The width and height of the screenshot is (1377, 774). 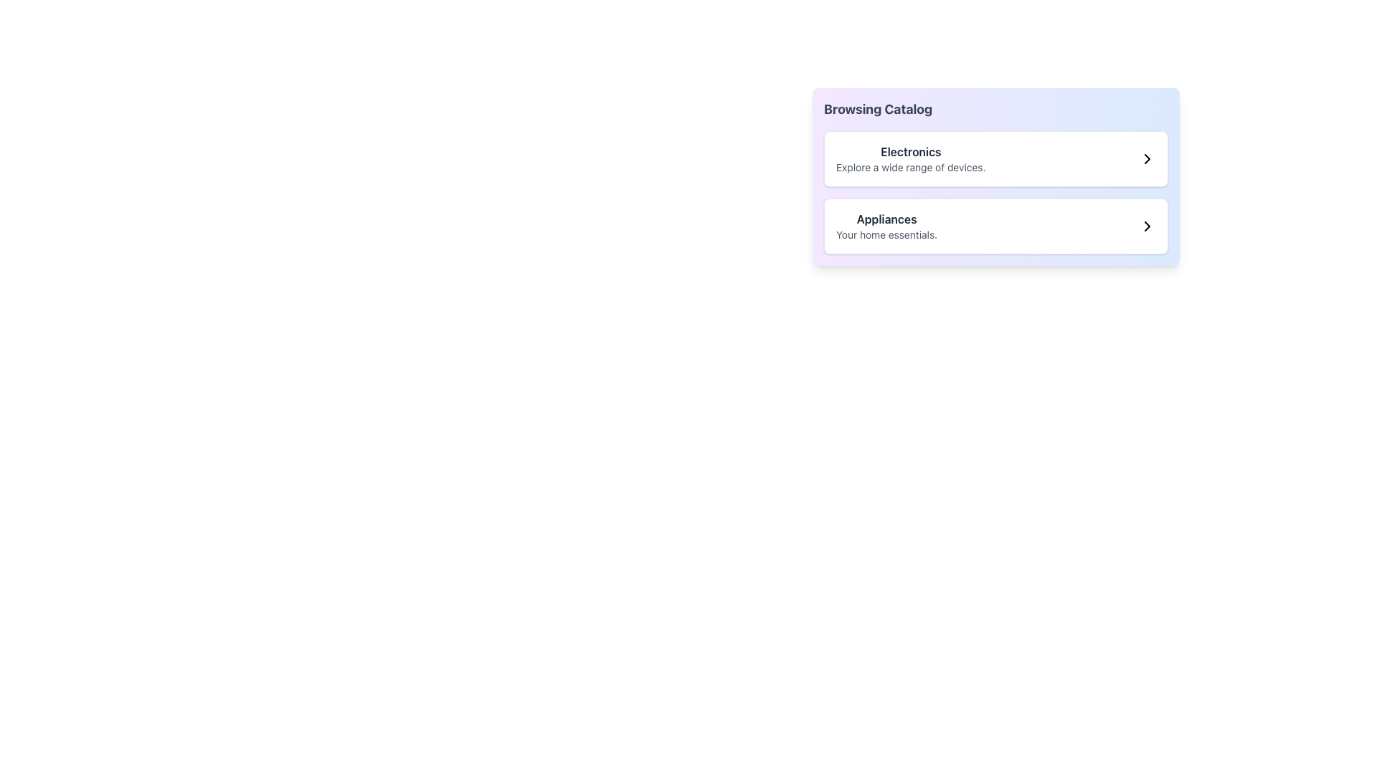 What do you see at coordinates (910, 167) in the screenshot?
I see `the text label displaying 'Explore a wide range of devices.' which is styled in a smaller gray font and positioned below the title 'Electronics'` at bounding box center [910, 167].